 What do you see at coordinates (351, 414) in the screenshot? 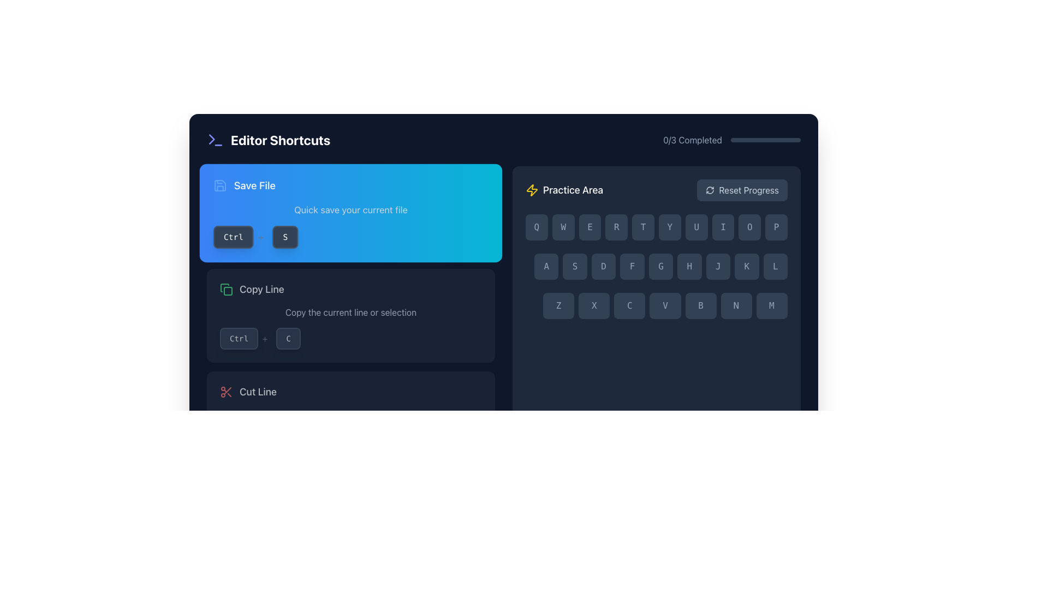
I see `the informative text that says 'Cut the current line or selection', which is styled in light gray and located below the heading 'Cut Line'` at bounding box center [351, 414].